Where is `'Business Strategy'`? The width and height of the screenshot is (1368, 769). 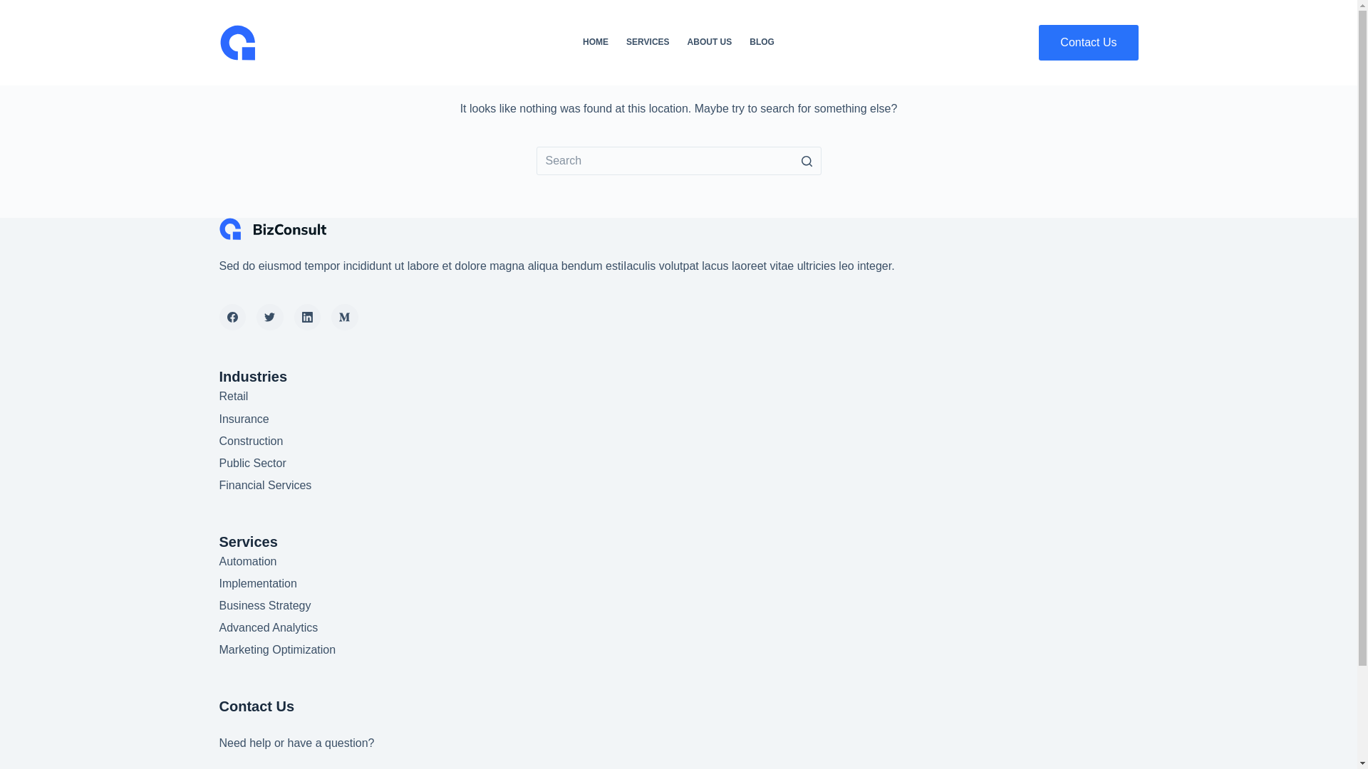 'Business Strategy' is located at coordinates (265, 605).